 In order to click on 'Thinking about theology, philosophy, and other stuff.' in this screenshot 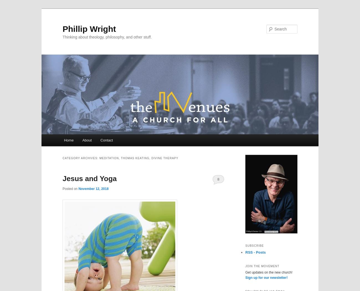, I will do `click(107, 36)`.